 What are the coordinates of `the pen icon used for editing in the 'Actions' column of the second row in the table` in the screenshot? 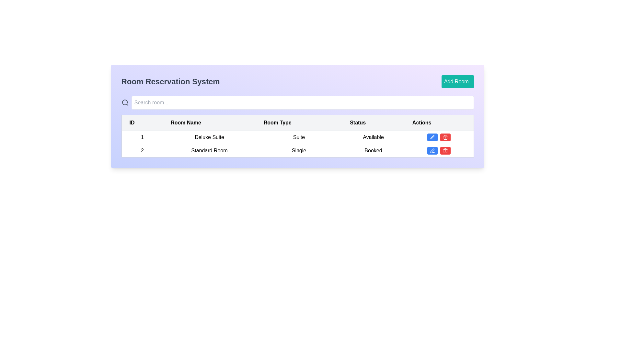 It's located at (432, 137).